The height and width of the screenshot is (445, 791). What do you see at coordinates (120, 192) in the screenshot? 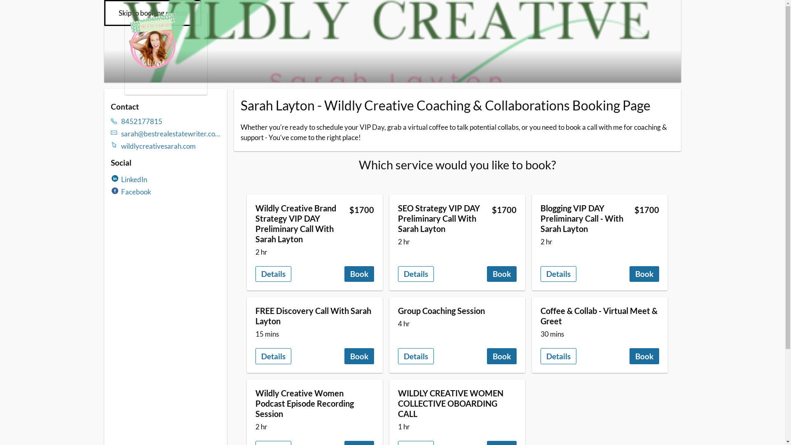
I see `'Facebook'` at bounding box center [120, 192].